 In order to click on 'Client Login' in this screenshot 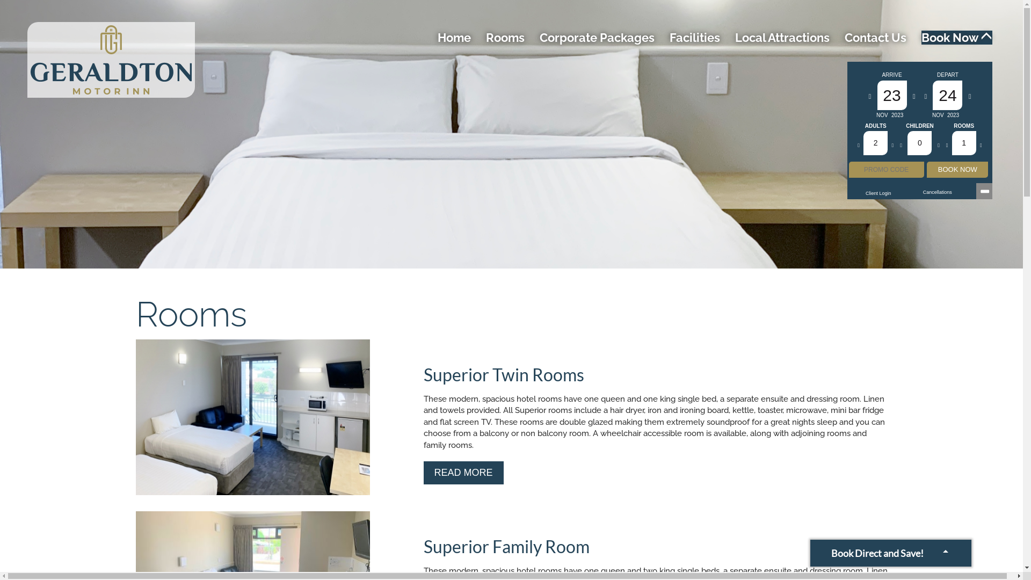, I will do `click(878, 192)`.